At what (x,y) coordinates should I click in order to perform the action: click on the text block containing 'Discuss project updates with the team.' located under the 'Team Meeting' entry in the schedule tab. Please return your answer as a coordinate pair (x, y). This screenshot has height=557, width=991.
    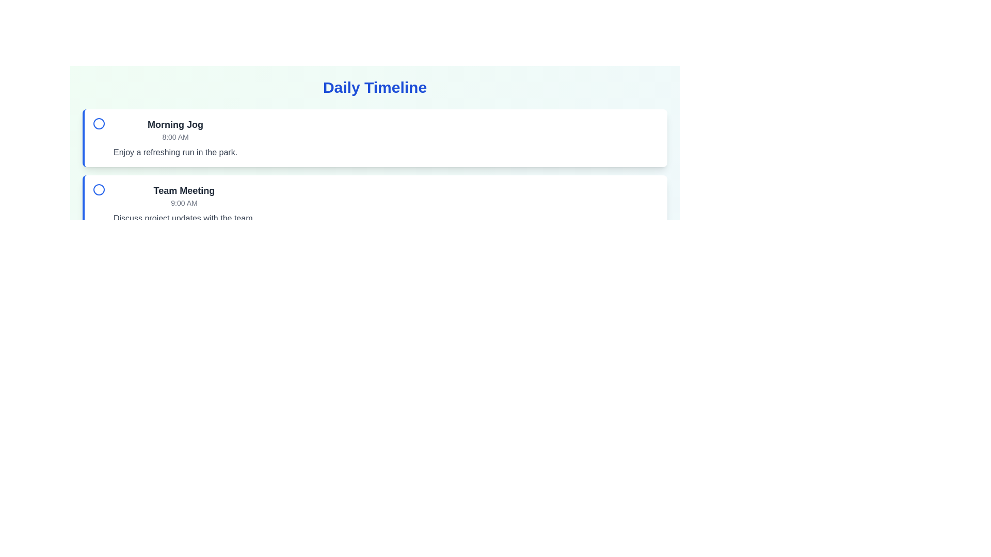
    Looking at the image, I should click on (184, 218).